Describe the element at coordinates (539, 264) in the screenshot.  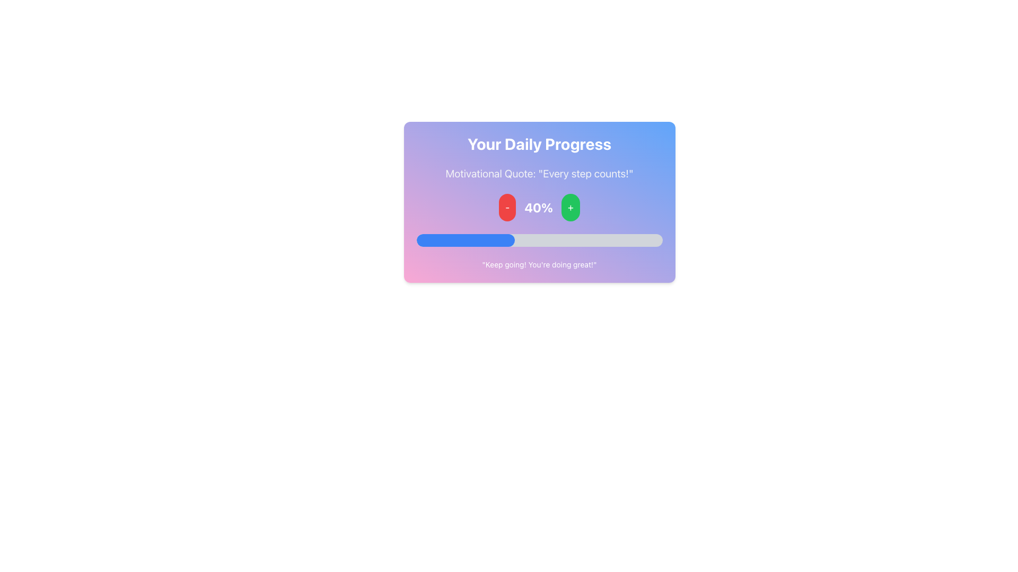
I see `the motivational message static text located centrally at the bottom of the card structure, below the progress bar and percentage indicators` at that location.